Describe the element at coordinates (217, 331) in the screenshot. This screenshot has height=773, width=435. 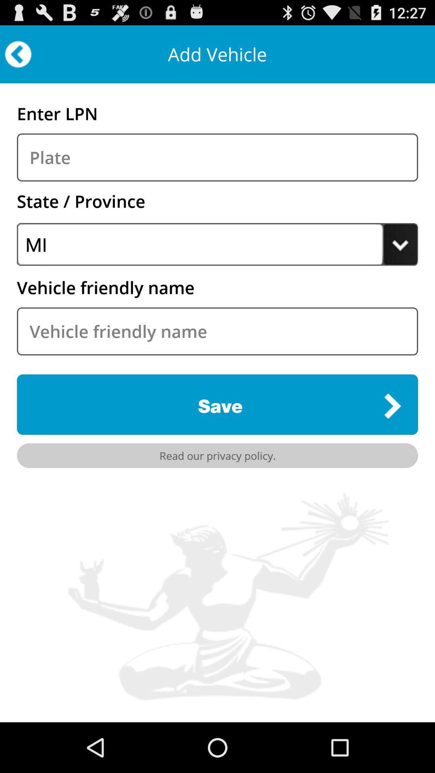
I see `vehicle information` at that location.